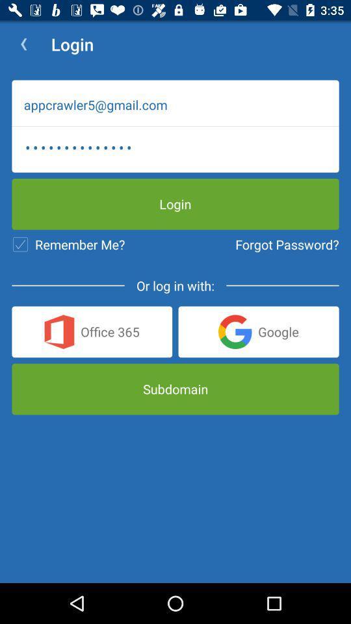 The height and width of the screenshot is (624, 351). What do you see at coordinates (23, 44) in the screenshot?
I see `item above the appcrawler5@gmail.com item` at bounding box center [23, 44].